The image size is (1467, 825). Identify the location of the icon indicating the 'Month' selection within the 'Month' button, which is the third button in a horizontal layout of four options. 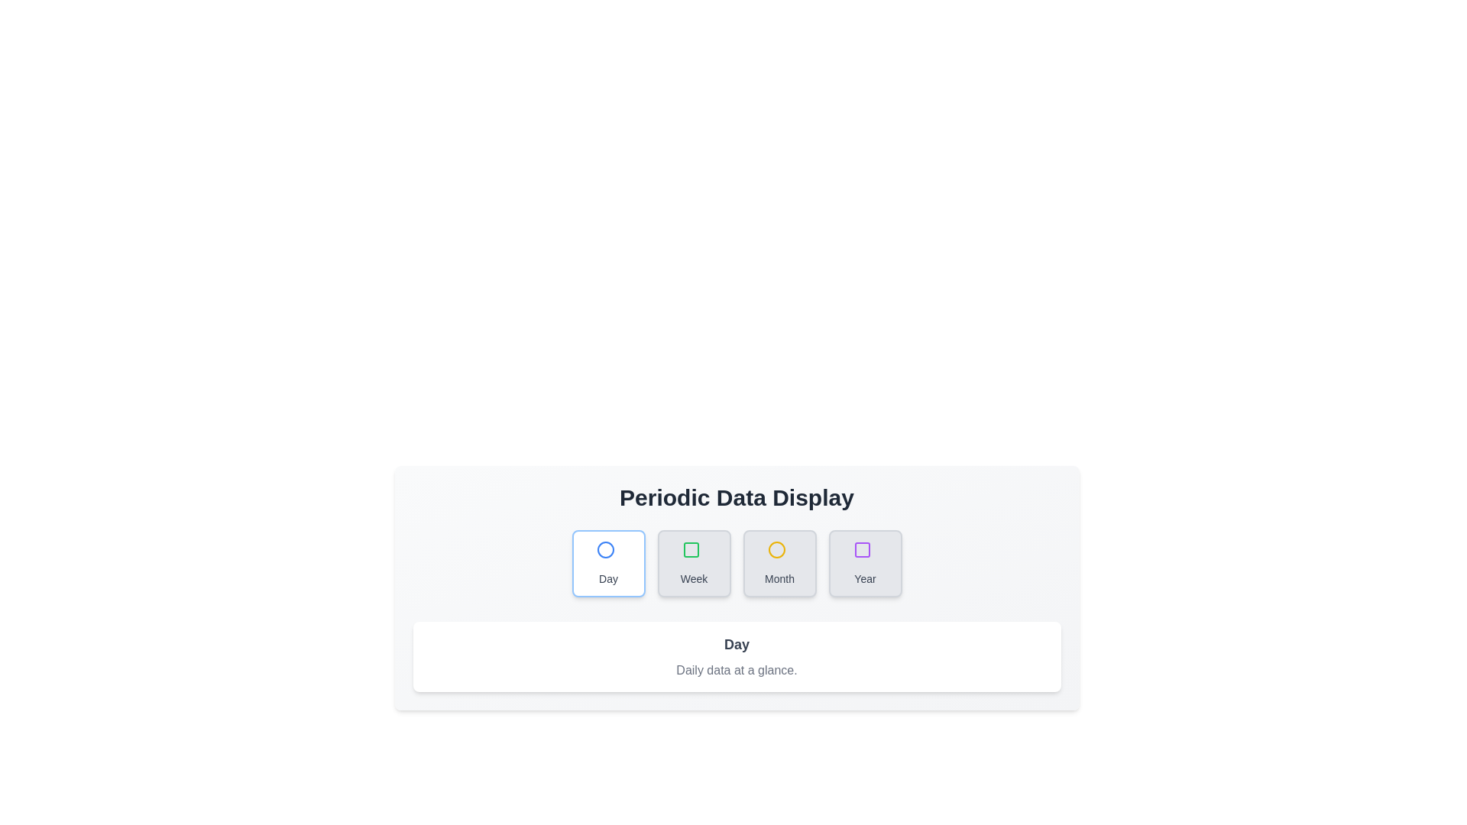
(779, 553).